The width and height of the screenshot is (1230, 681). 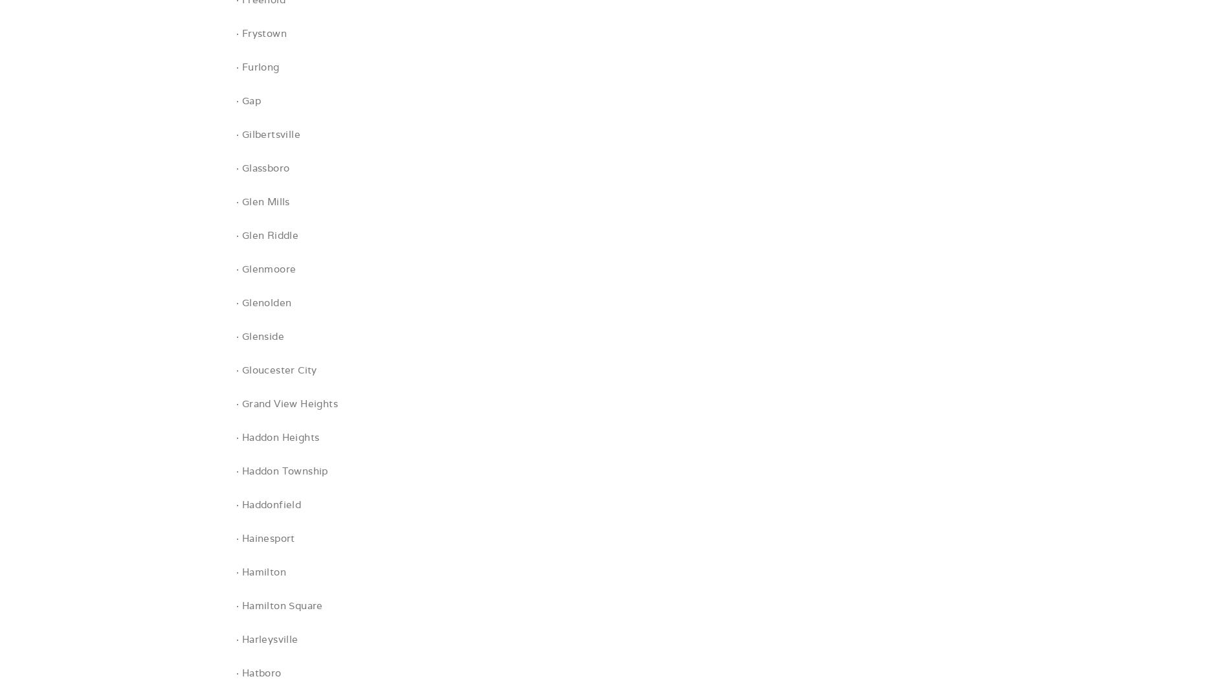 I want to click on '· Hamilton', so click(x=260, y=572).